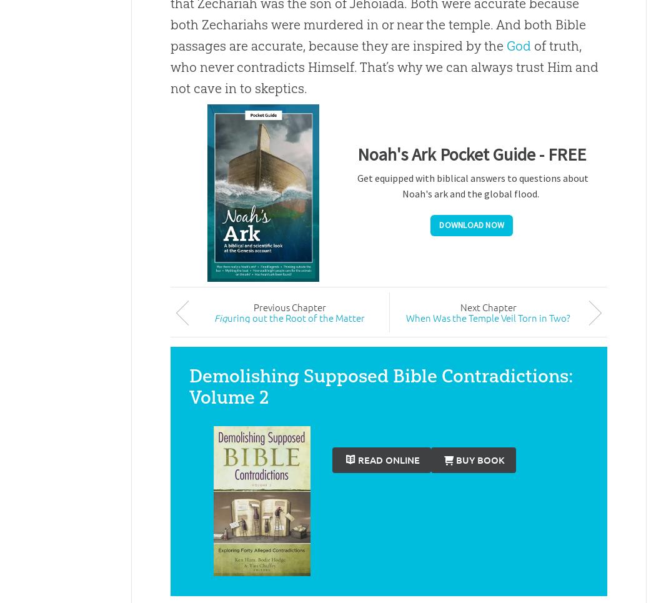 Image resolution: width=656 pixels, height=603 pixels. What do you see at coordinates (281, 306) in the screenshot?
I see `'ious'` at bounding box center [281, 306].